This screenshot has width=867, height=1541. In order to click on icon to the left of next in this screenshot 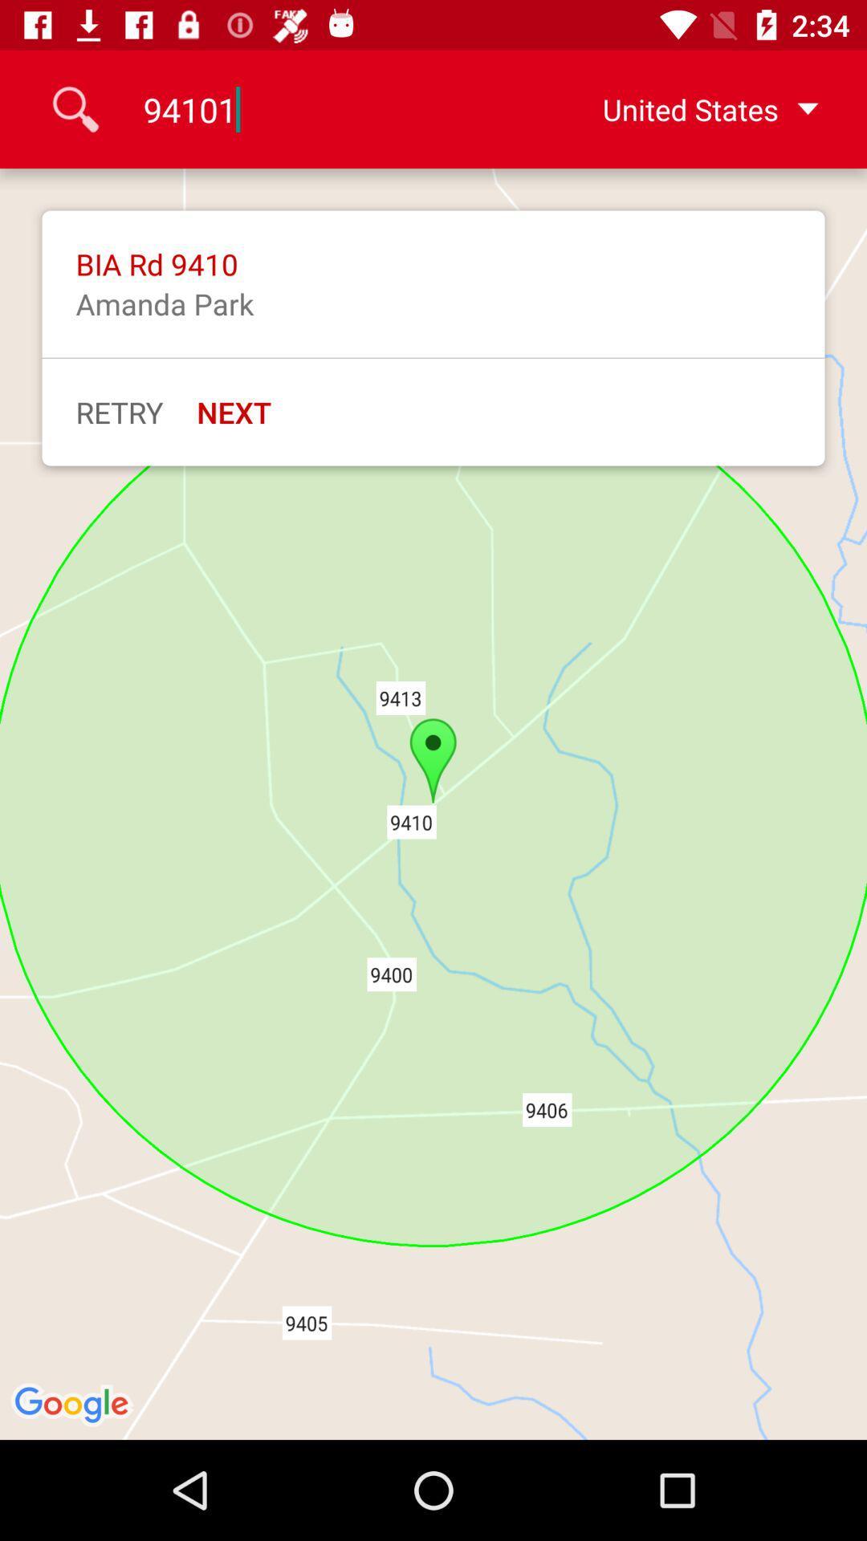, I will do `click(118, 412)`.